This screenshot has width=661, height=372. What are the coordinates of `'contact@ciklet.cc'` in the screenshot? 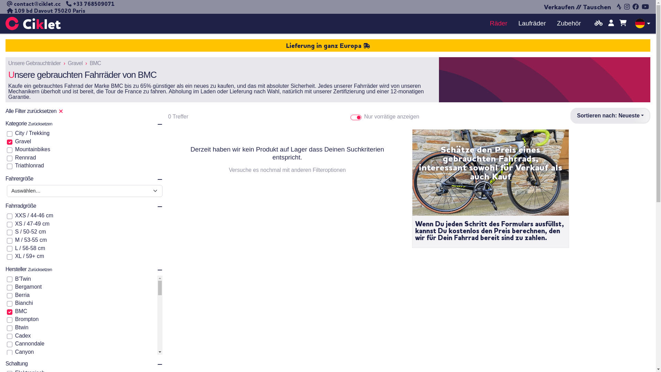 It's located at (33, 4).